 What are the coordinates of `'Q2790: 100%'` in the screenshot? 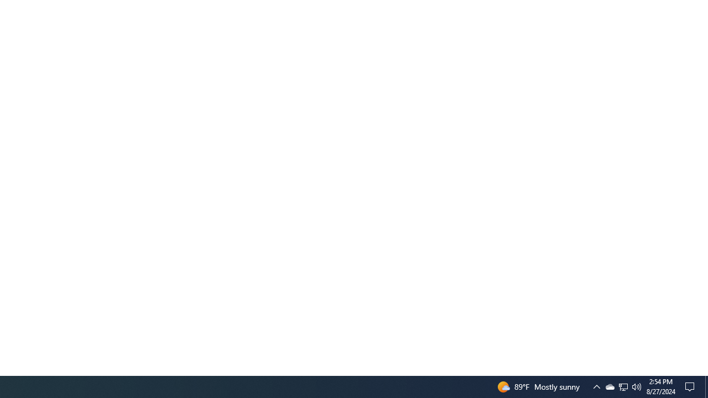 It's located at (637, 386).